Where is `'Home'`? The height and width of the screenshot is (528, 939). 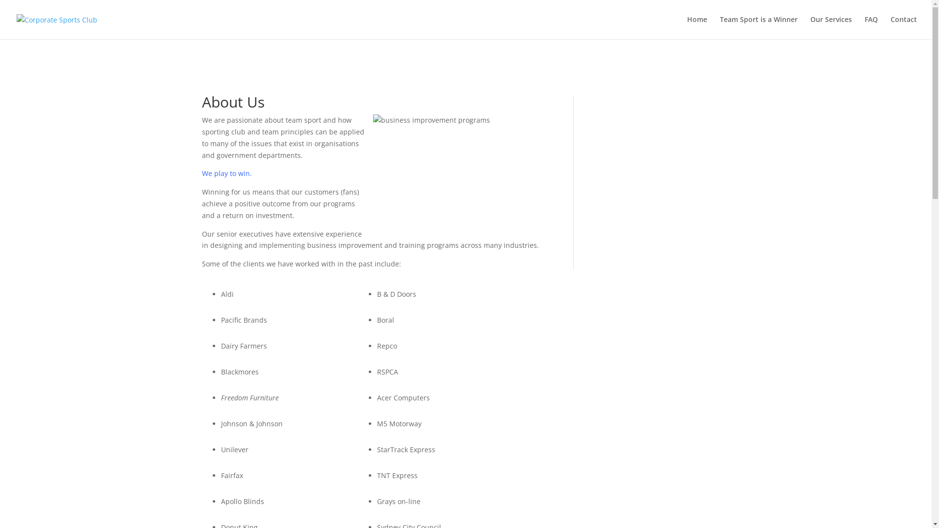
'Home' is located at coordinates (696, 27).